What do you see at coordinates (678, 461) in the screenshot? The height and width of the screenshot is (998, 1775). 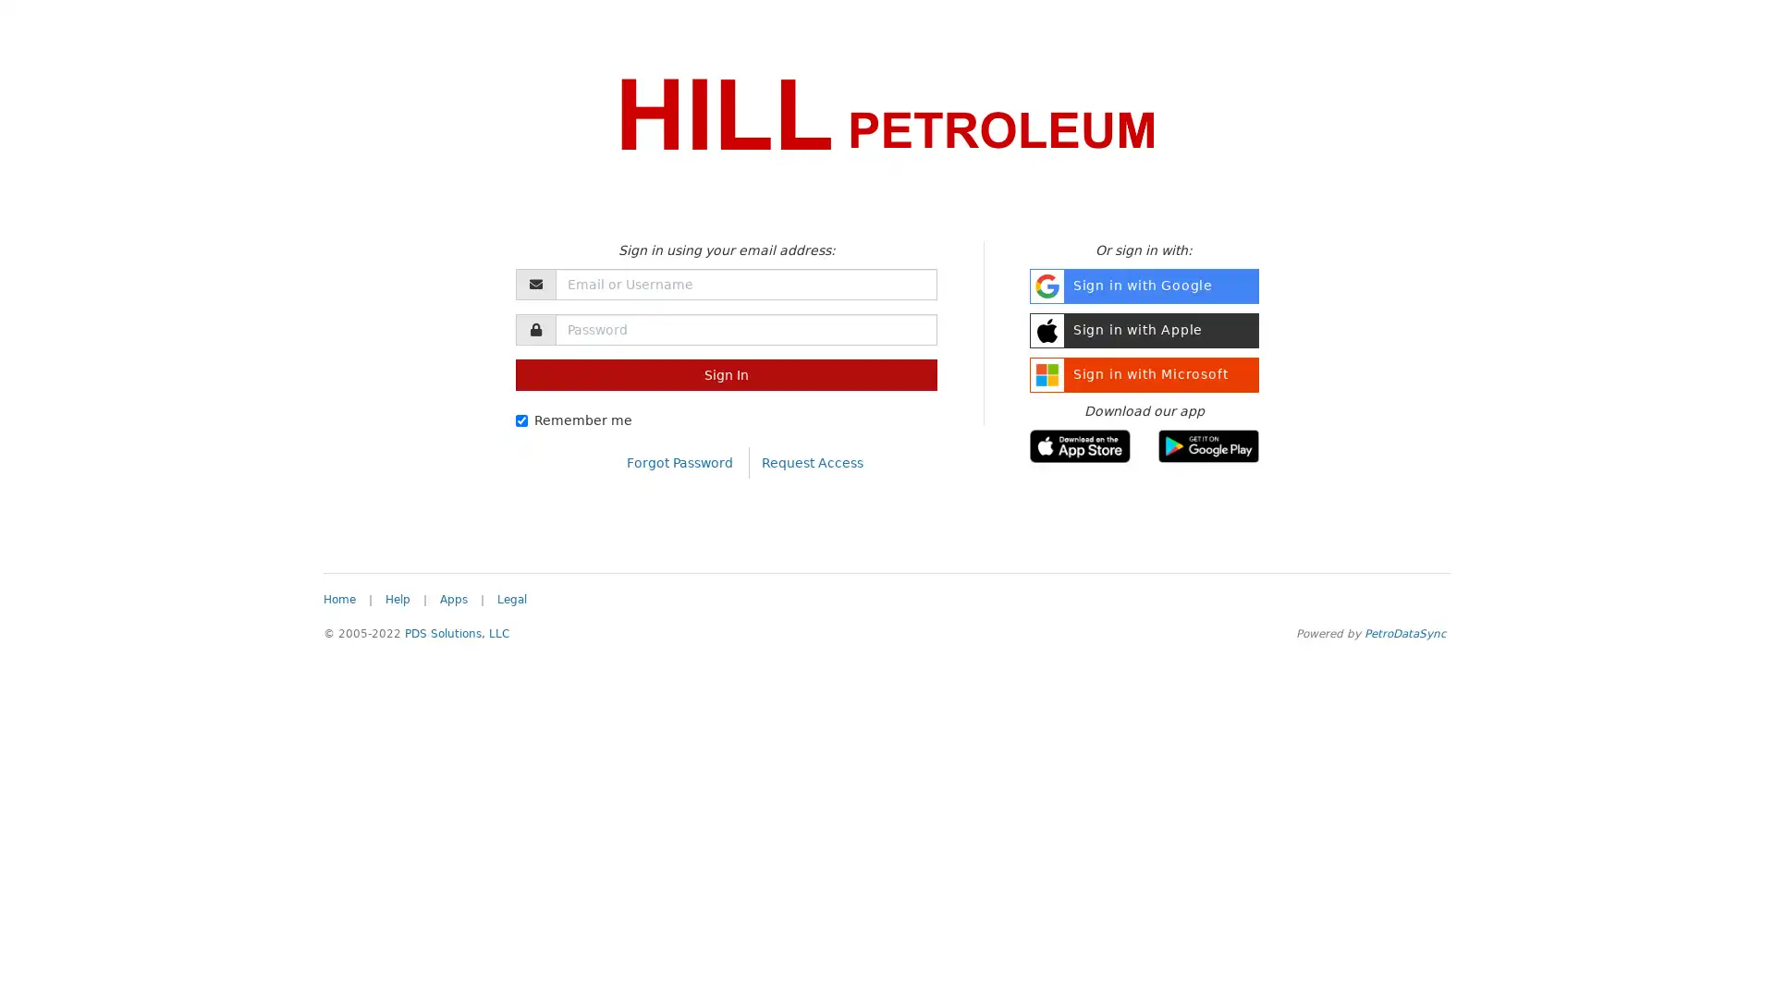 I see `Forgot Password` at bounding box center [678, 461].